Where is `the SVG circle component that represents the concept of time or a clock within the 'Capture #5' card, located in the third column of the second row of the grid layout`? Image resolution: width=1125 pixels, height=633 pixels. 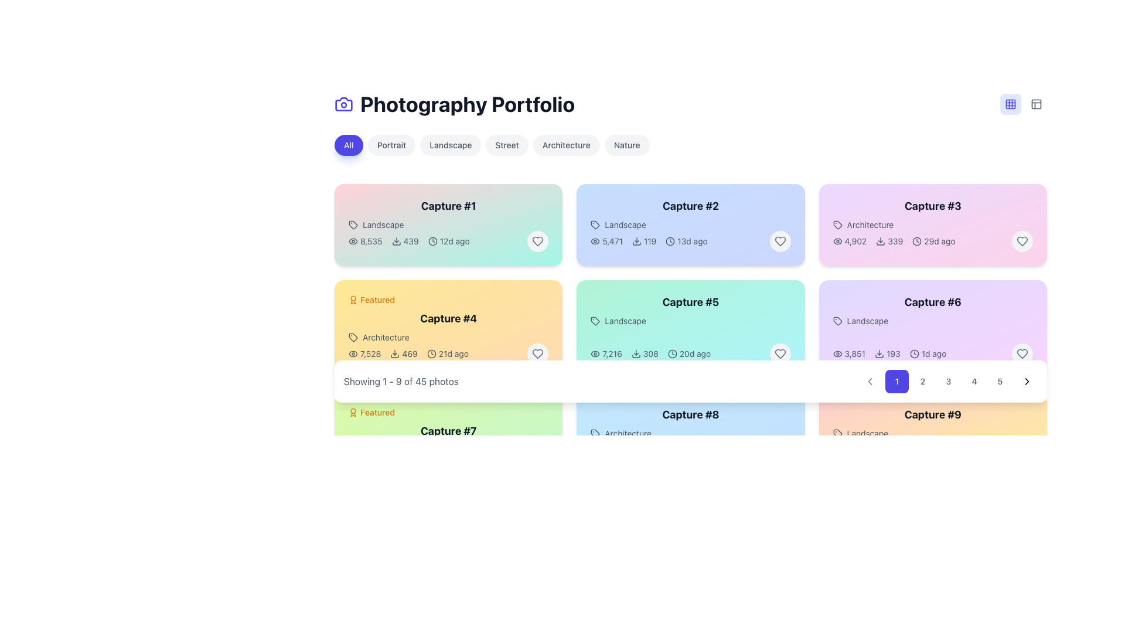
the SVG circle component that represents the concept of time or a clock within the 'Capture #5' card, located in the third column of the second row of the grid layout is located at coordinates (672, 353).